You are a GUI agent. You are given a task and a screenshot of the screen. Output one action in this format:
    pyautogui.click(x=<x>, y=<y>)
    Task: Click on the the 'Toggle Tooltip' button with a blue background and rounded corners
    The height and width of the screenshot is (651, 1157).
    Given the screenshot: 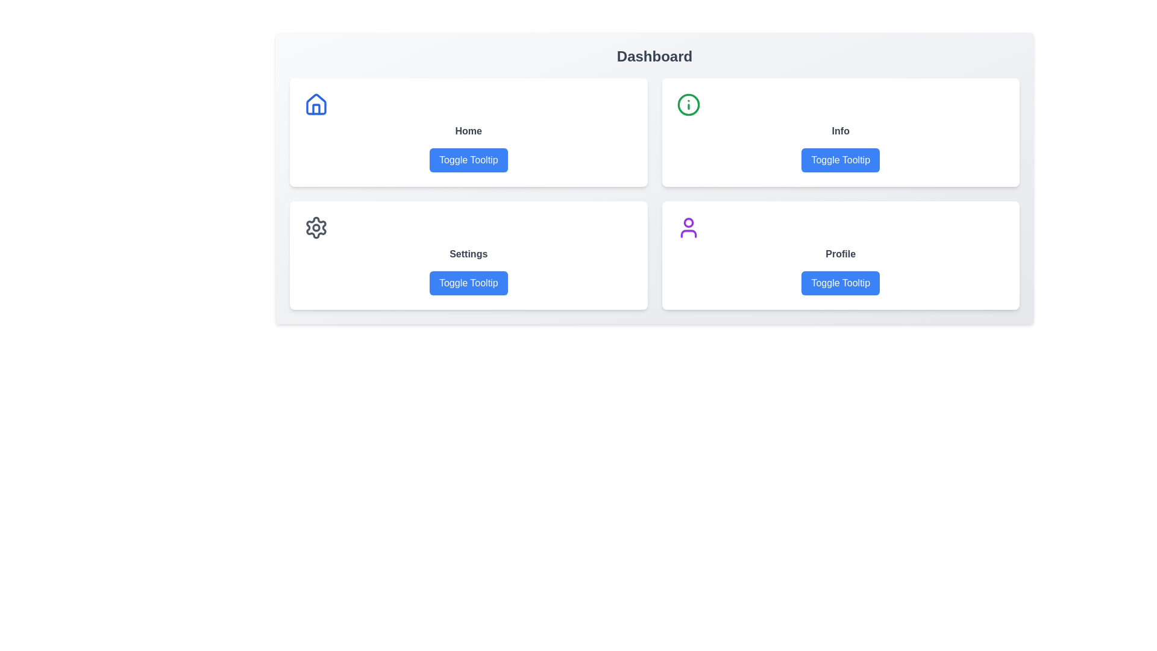 What is the action you would take?
    pyautogui.click(x=840, y=160)
    